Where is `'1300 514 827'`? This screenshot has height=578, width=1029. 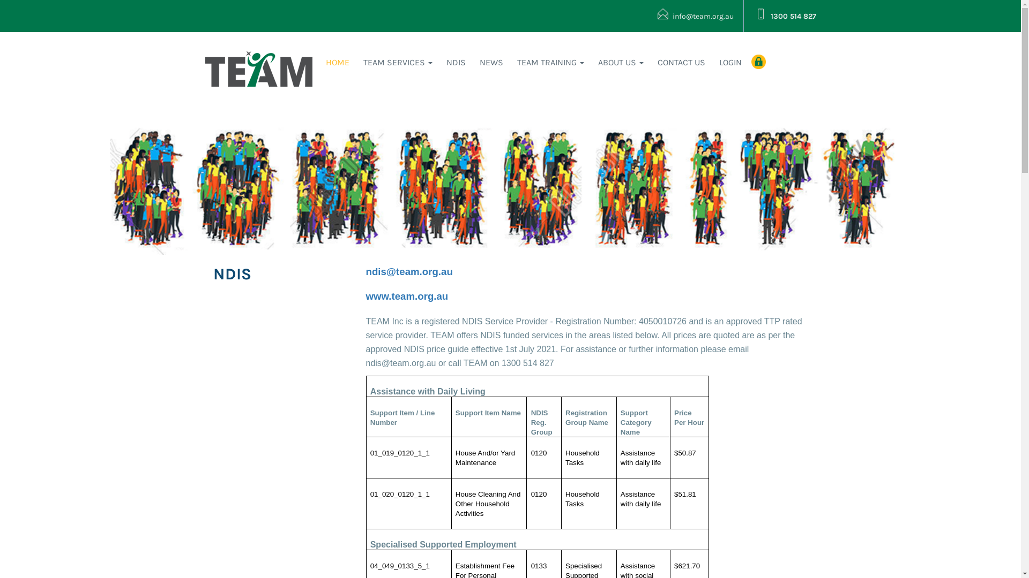
'1300 514 827' is located at coordinates (786, 16).